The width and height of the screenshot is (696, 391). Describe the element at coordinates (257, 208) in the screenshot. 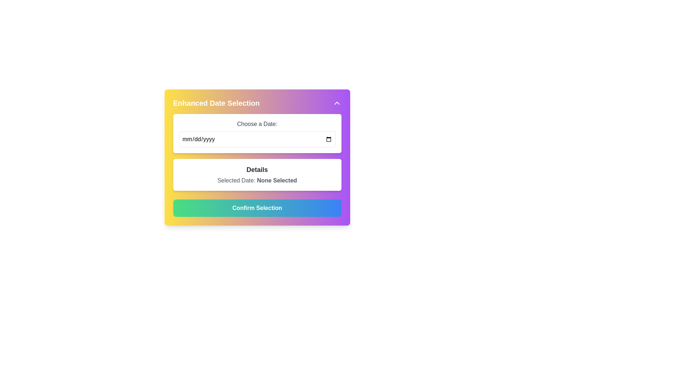

I see `the 'Confirm Selection' button, which is a rectangular button with a gradient background from green to blue, located at the bottom of a modal with a yellow to purple gradient` at that location.